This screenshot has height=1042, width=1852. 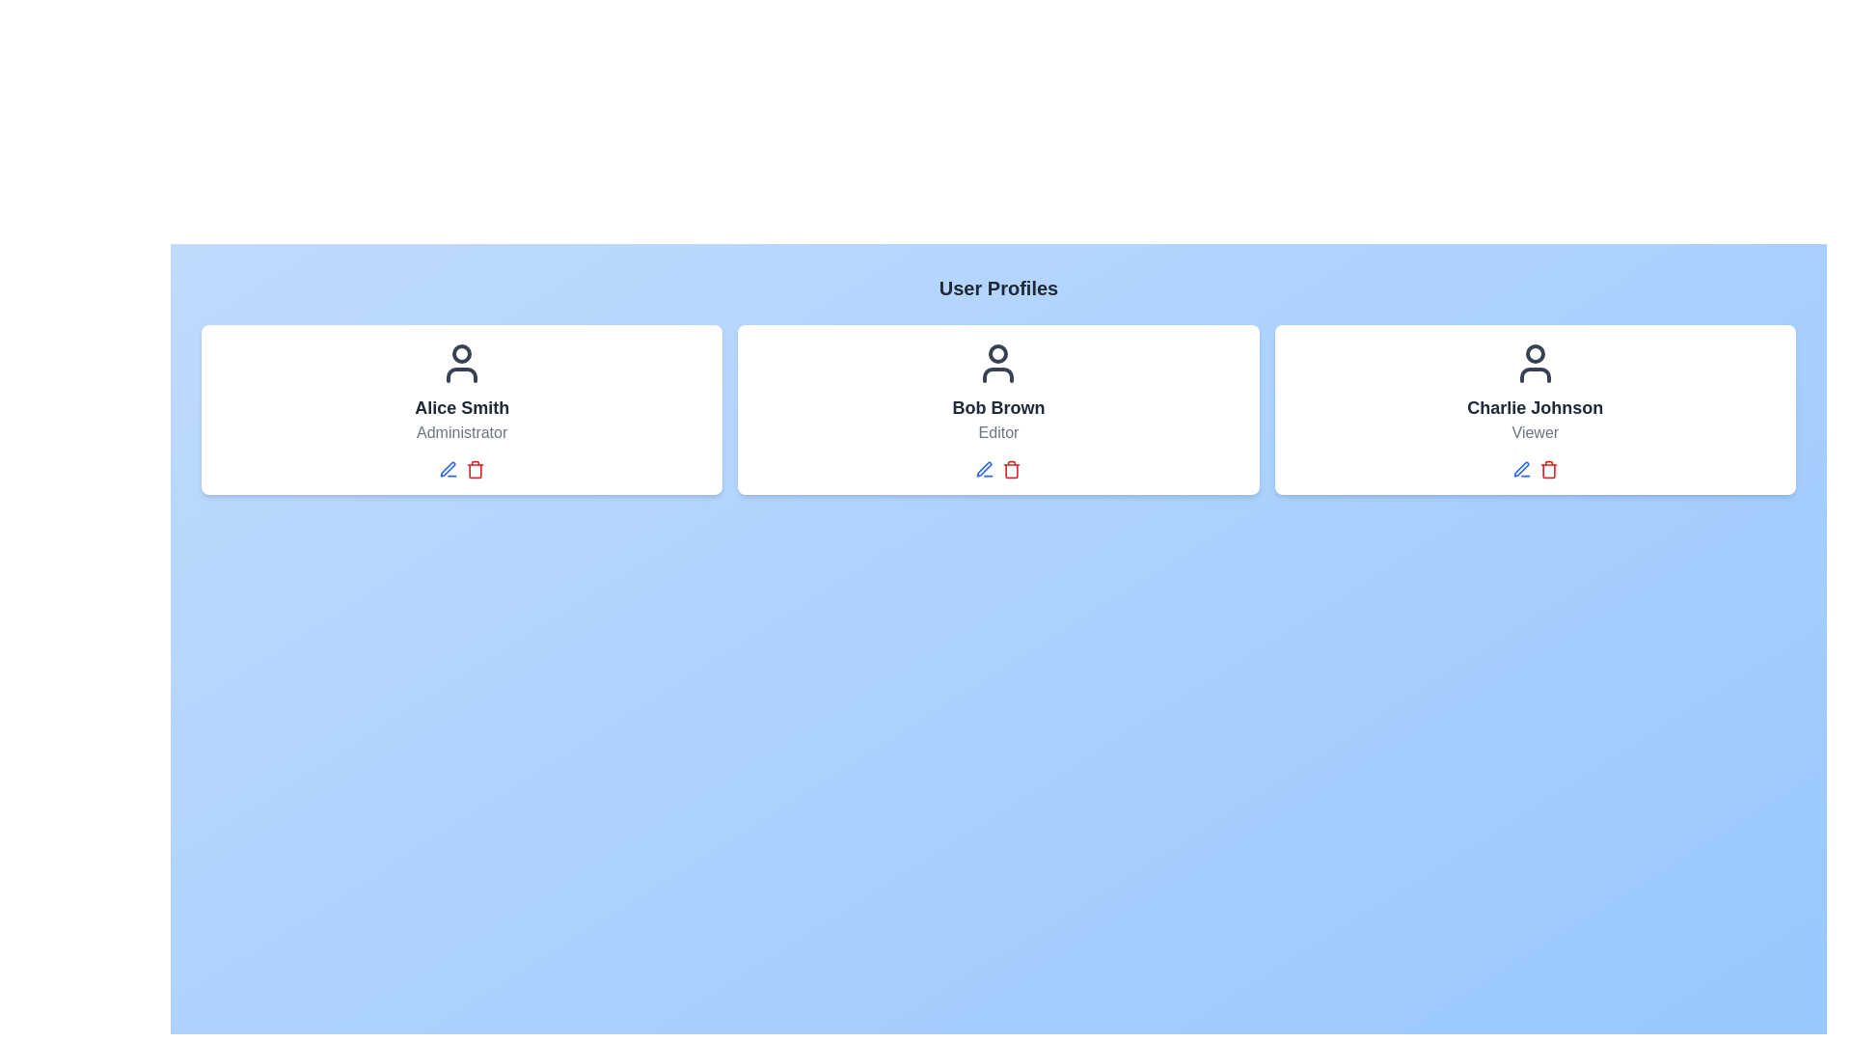 What do you see at coordinates (1534, 364) in the screenshot?
I see `the icon representing 'Charlie Johnson' located at the top-center of the card labeled 'Charlie Johnson' and 'Viewer'` at bounding box center [1534, 364].